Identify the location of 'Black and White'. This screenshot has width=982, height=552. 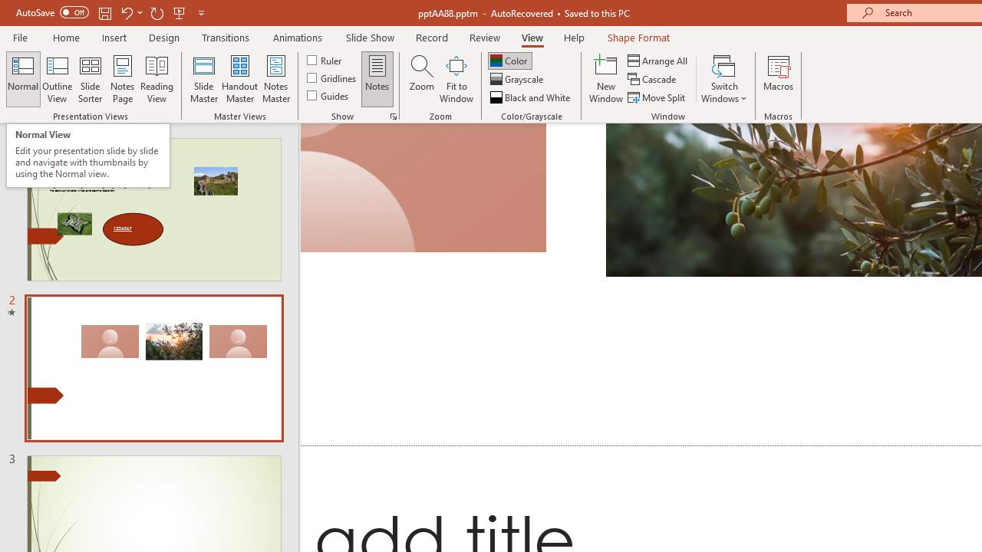
(532, 97).